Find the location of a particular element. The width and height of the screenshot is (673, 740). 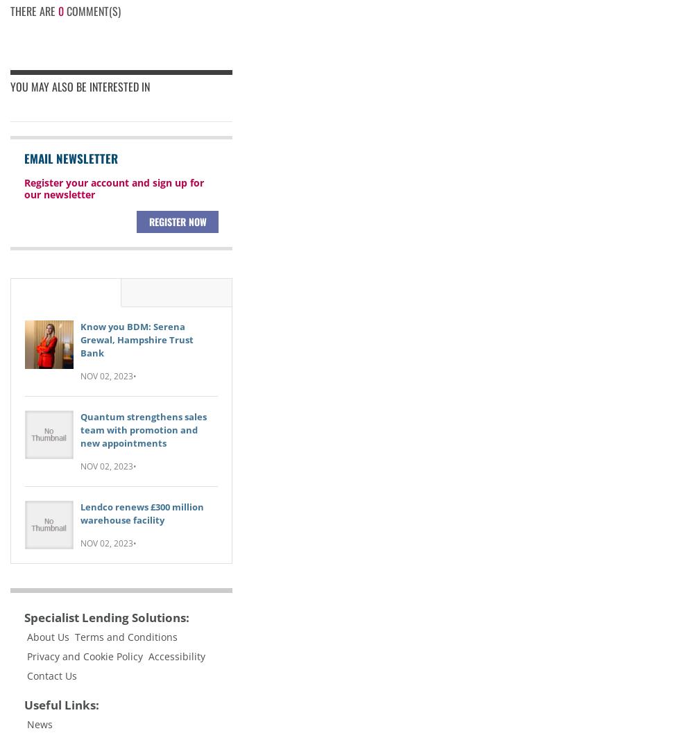

'Contact Us' is located at coordinates (51, 675).